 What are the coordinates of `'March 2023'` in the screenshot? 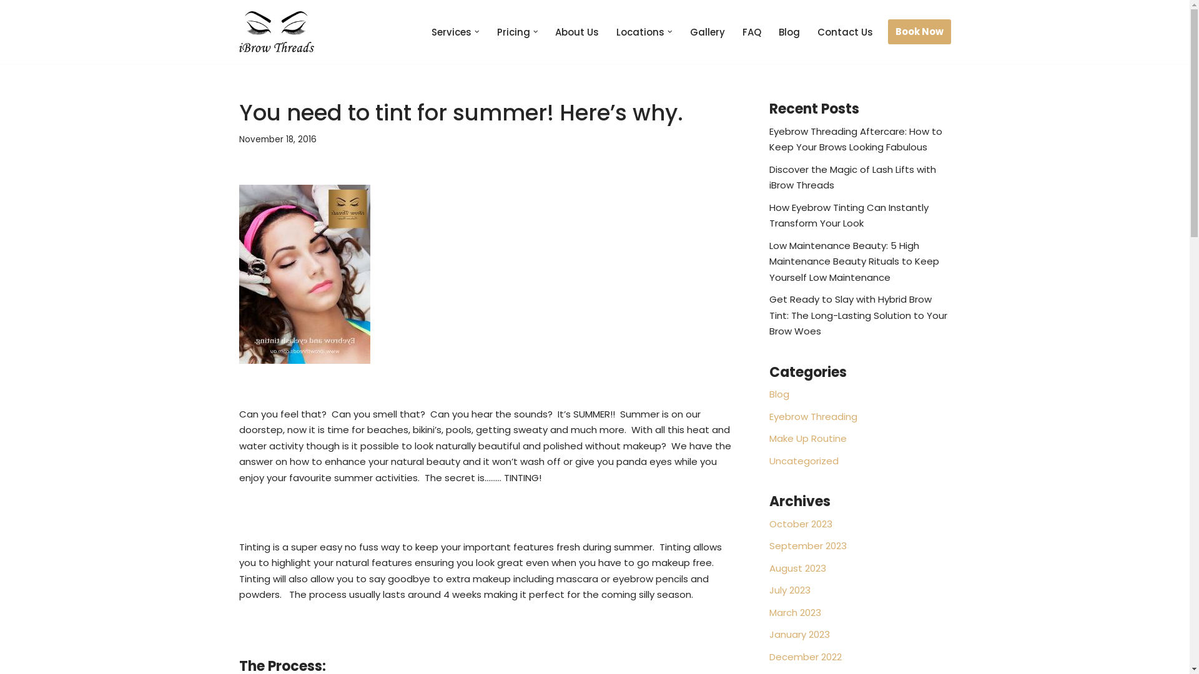 It's located at (769, 612).